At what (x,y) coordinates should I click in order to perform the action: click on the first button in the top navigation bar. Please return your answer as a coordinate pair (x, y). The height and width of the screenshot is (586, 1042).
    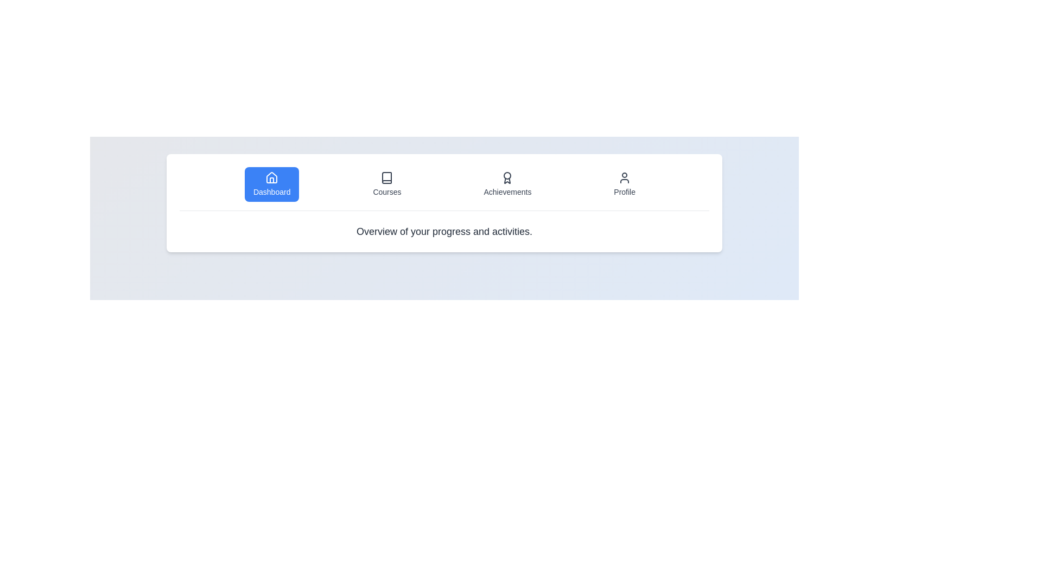
    Looking at the image, I should click on (272, 183).